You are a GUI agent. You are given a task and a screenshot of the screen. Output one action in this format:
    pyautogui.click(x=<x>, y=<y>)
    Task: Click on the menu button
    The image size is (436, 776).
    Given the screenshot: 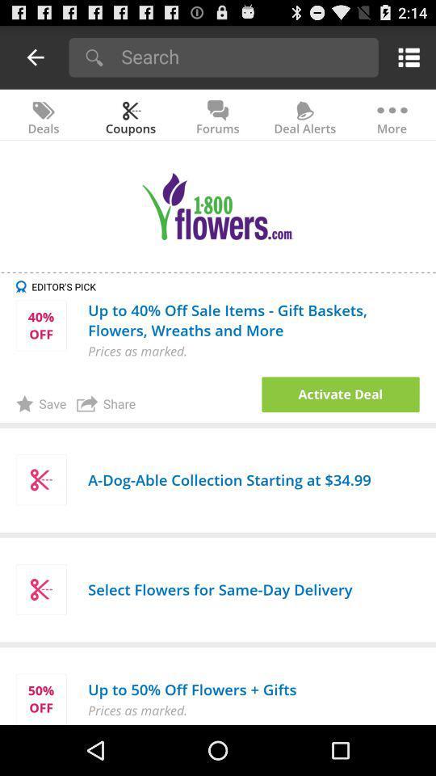 What is the action you would take?
    pyautogui.click(x=405, y=57)
    